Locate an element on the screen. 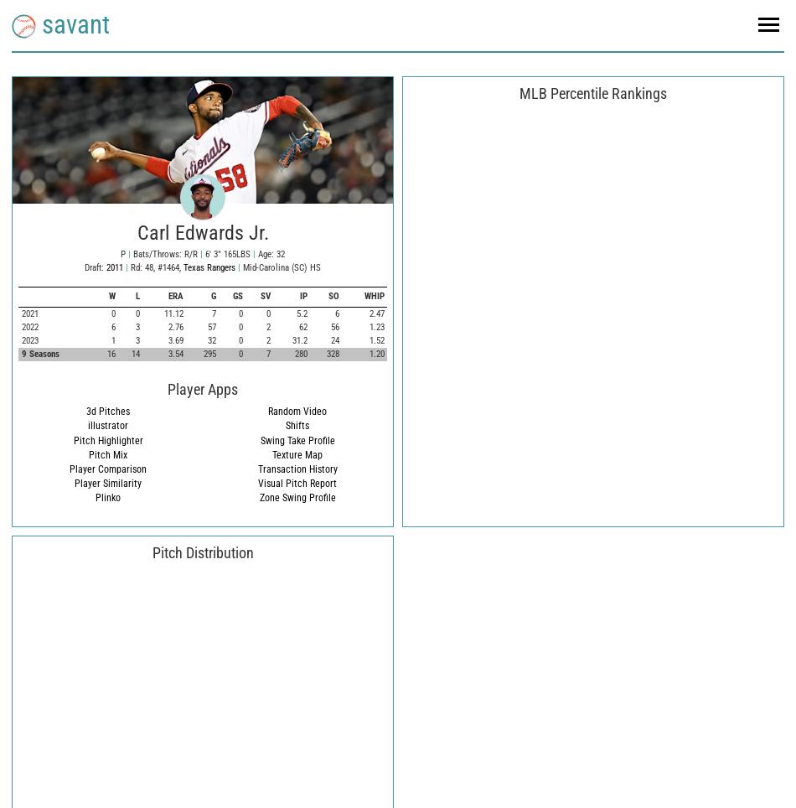 The width and height of the screenshot is (796, 808). '2.47' is located at coordinates (375, 313).